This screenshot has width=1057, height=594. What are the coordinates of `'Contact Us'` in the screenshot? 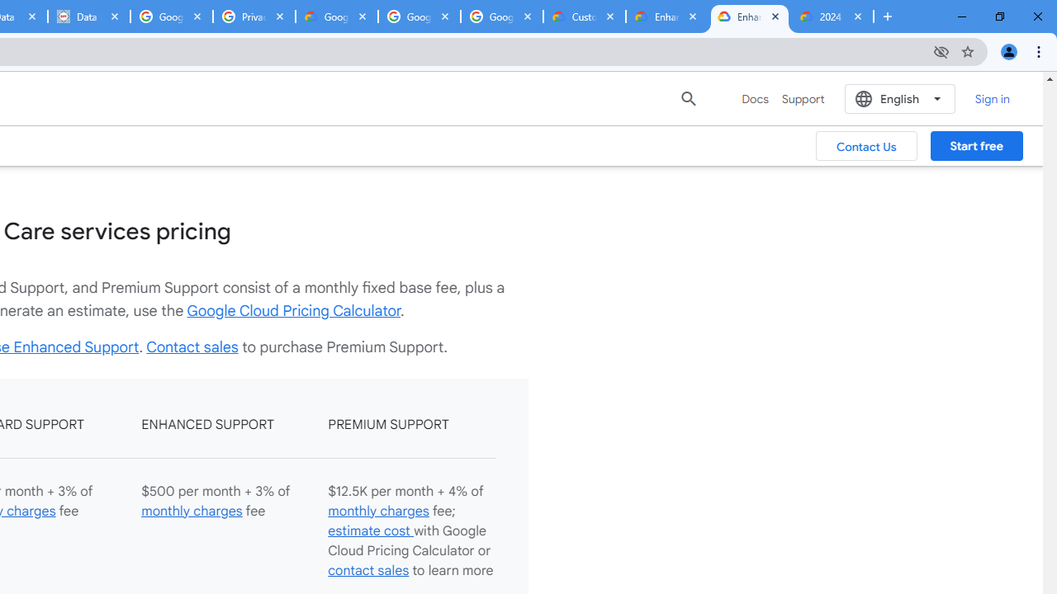 It's located at (865, 145).